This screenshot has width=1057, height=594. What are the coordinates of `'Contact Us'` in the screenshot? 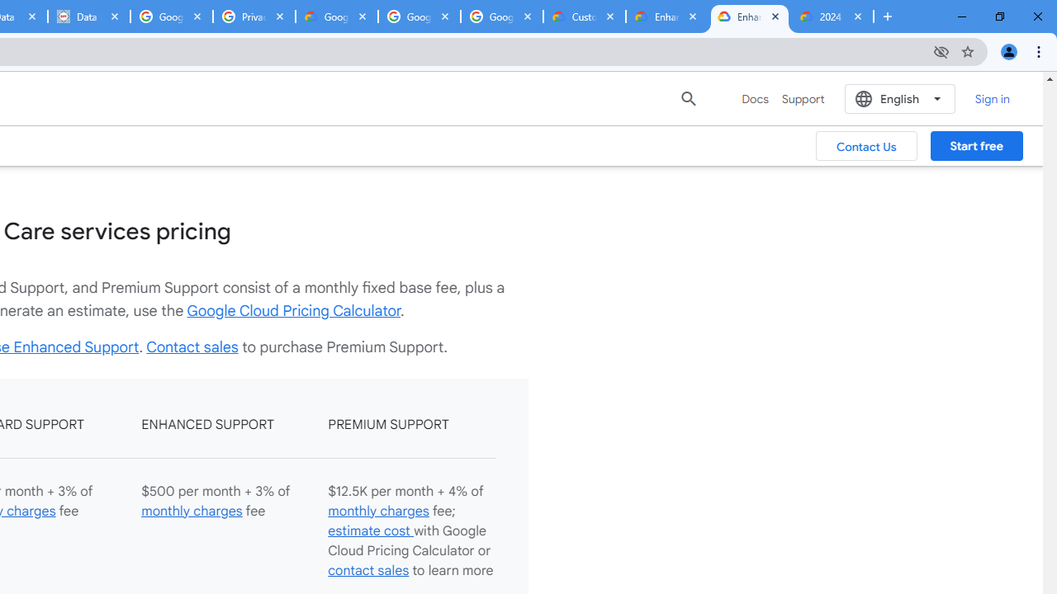 It's located at (865, 145).